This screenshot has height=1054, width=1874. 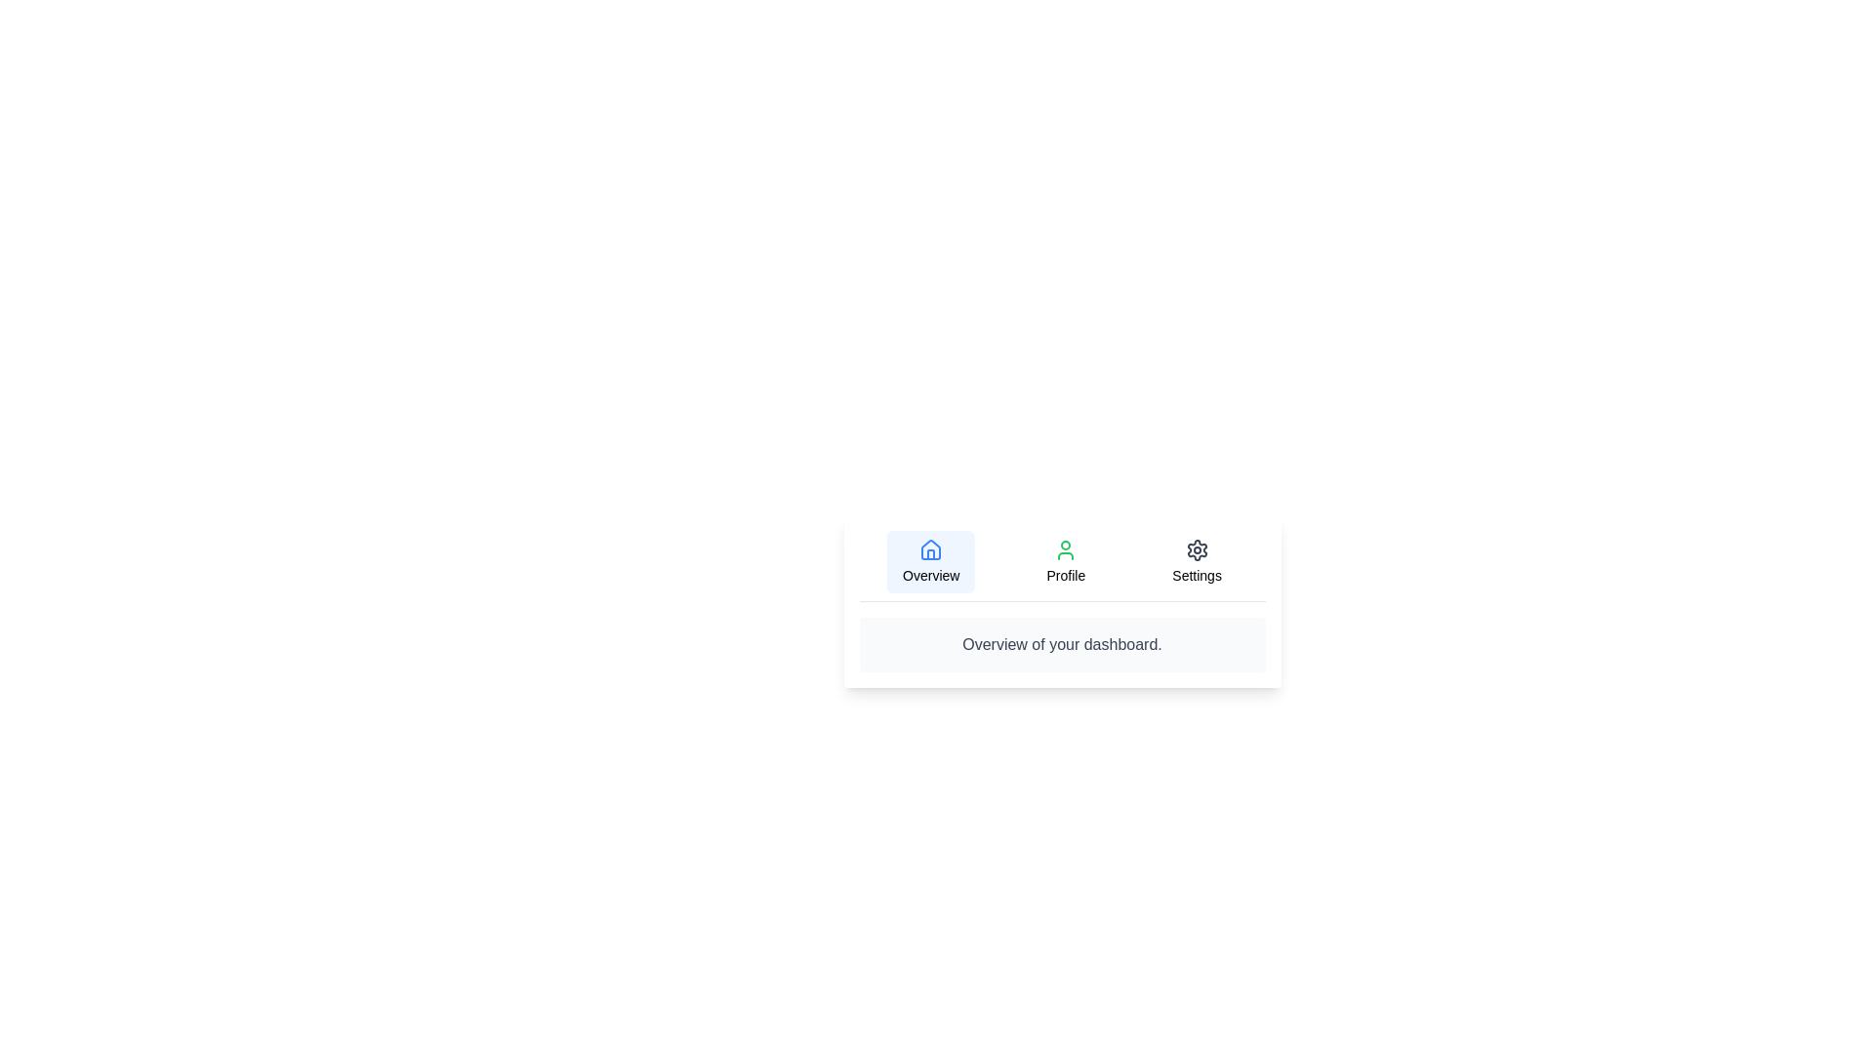 What do you see at coordinates (930, 561) in the screenshot?
I see `the text portion labeled Overview to select it` at bounding box center [930, 561].